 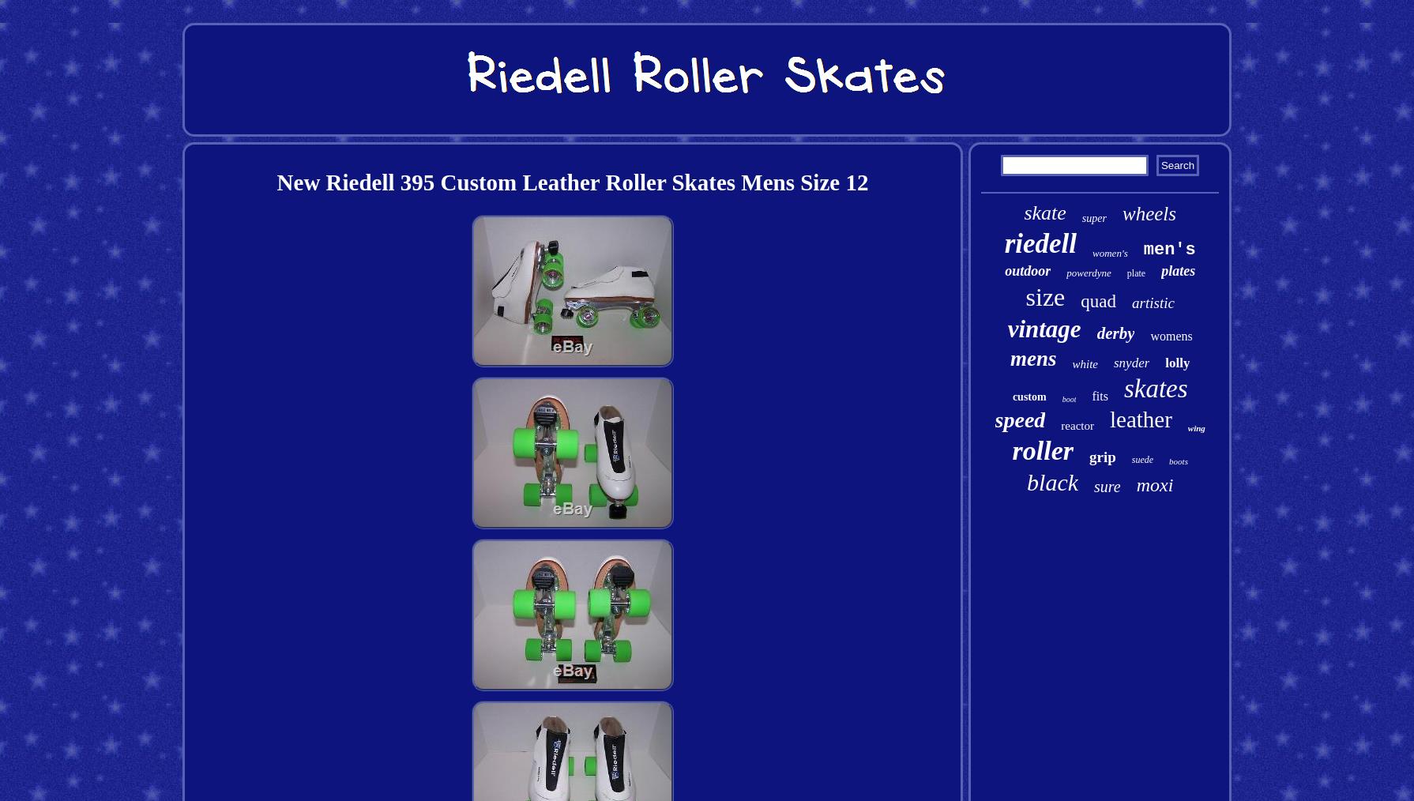 What do you see at coordinates (1060, 399) in the screenshot?
I see `'boot'` at bounding box center [1060, 399].